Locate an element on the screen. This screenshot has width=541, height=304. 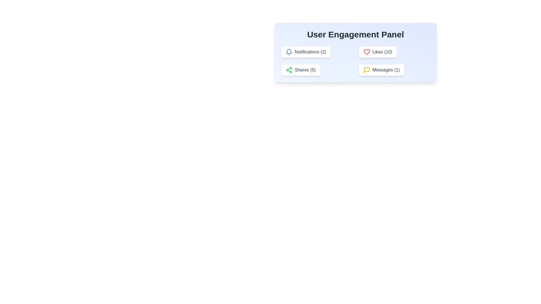
the 'Messages (1)' button, which is a rectangular button with a white background and a yellow speech bubble icon, located in the User Engagement Panel is located at coordinates (382, 70).